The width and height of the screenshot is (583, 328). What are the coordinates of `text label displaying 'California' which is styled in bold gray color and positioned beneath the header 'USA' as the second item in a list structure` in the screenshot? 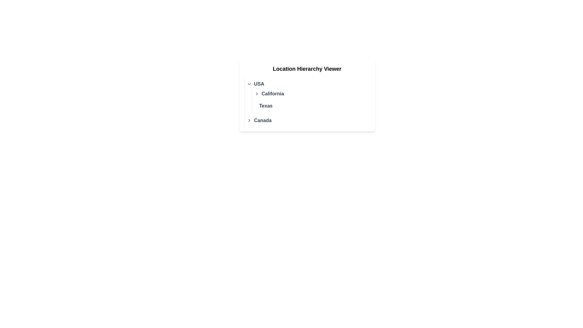 It's located at (272, 94).